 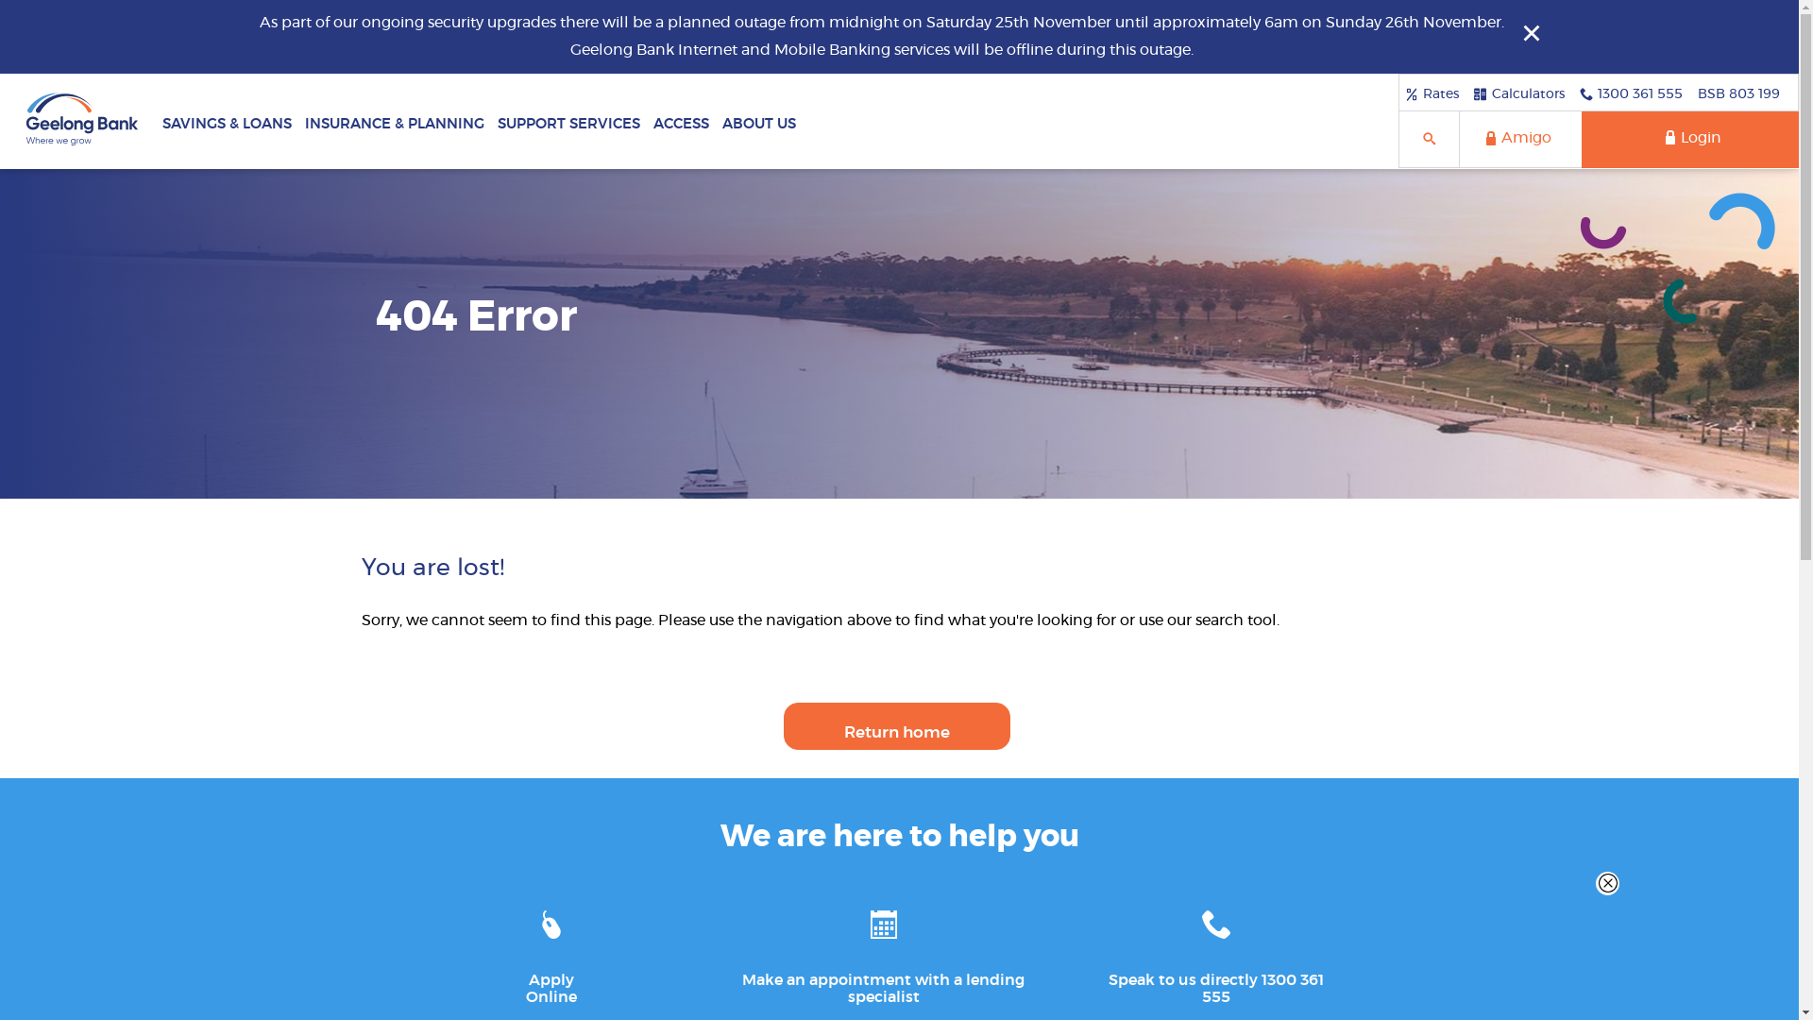 I want to click on 'SUPPORT SERVICES', so click(x=568, y=120).